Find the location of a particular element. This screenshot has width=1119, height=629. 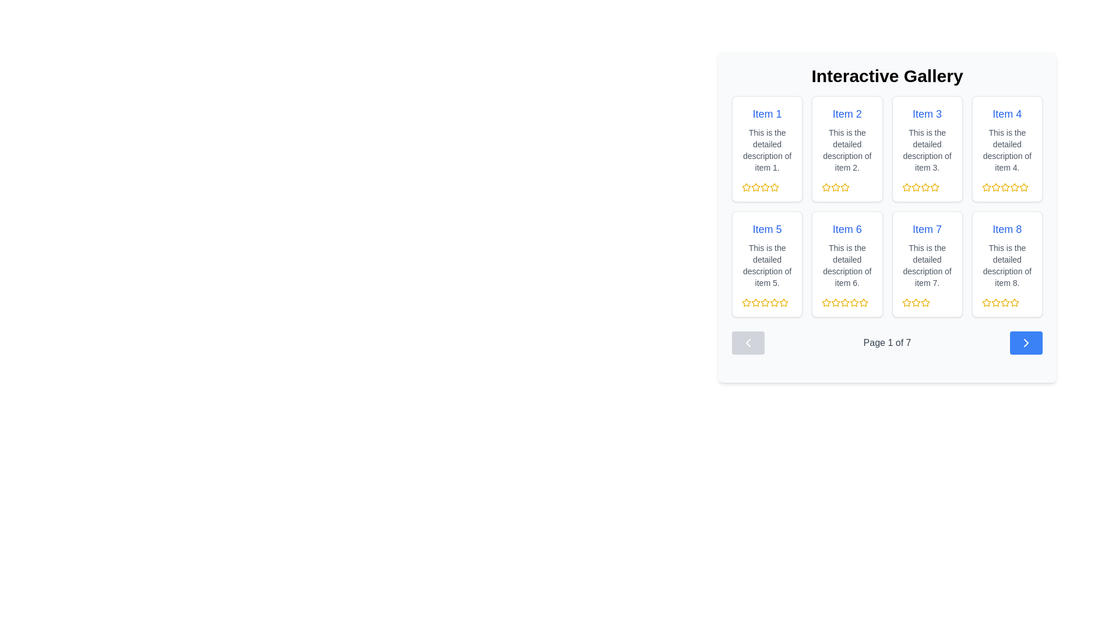

the fourth yellow star-shaped icon in a group of five stars representing a rating, located below the text 'Item 2' is located at coordinates (845, 186).